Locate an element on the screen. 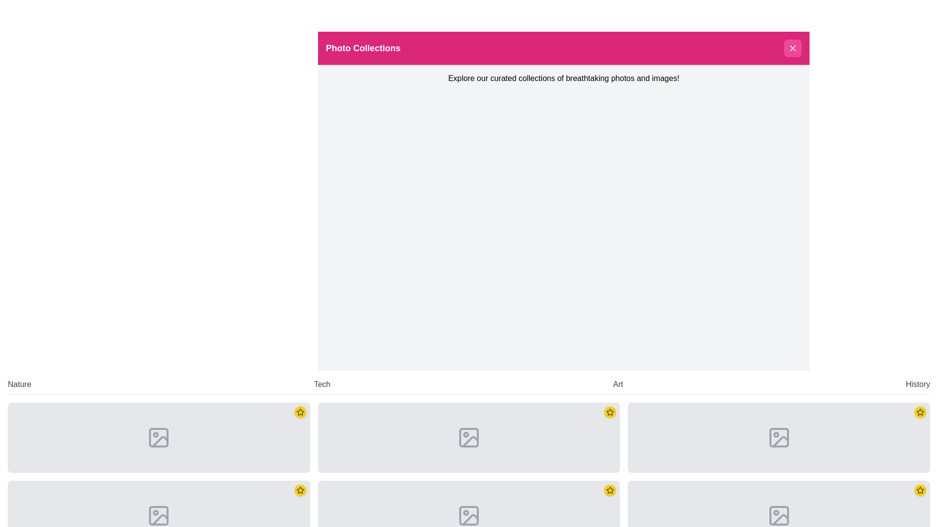  the close button located at the top-right corner of the pink header bar of the 'Photo Collections' section is located at coordinates (792, 48).